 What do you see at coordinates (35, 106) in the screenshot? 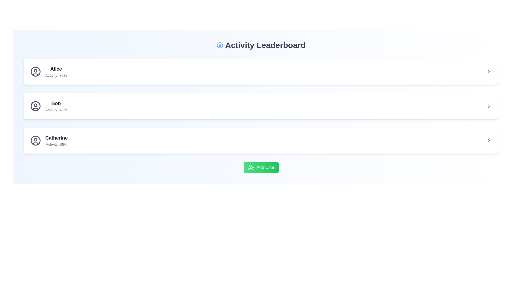
I see `the user icon representing 'Bob' located in the middle user card for reordering functionality` at bounding box center [35, 106].